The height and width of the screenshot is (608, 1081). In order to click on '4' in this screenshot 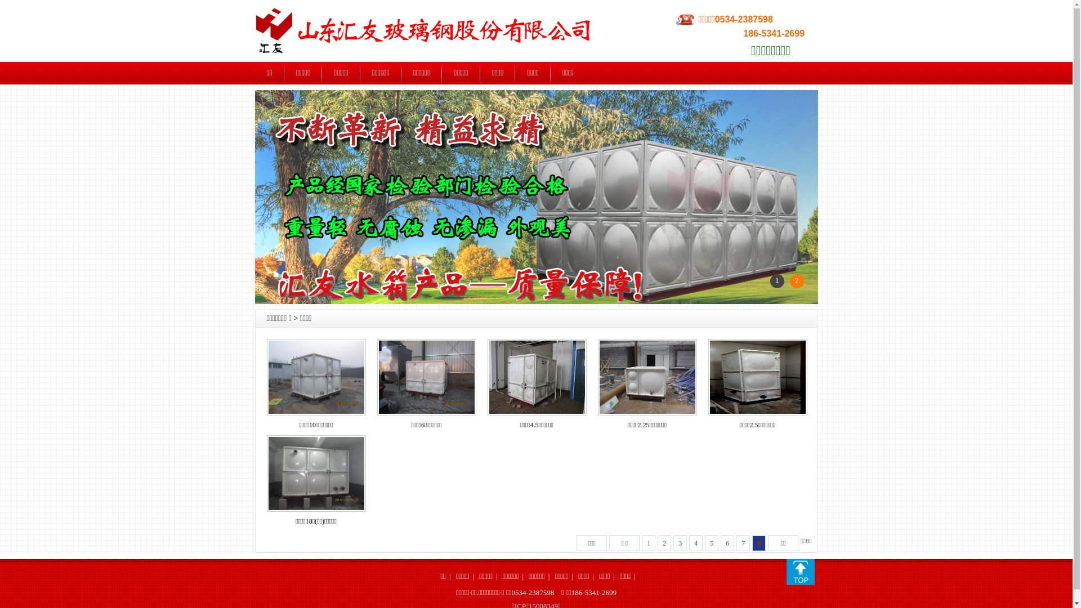, I will do `click(689, 542)`.